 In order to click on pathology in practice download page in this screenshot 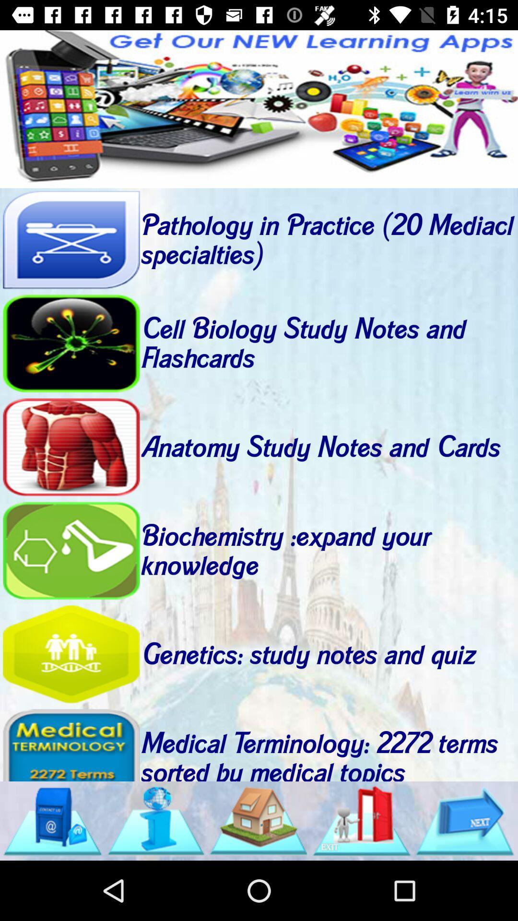, I will do `click(71, 240)`.